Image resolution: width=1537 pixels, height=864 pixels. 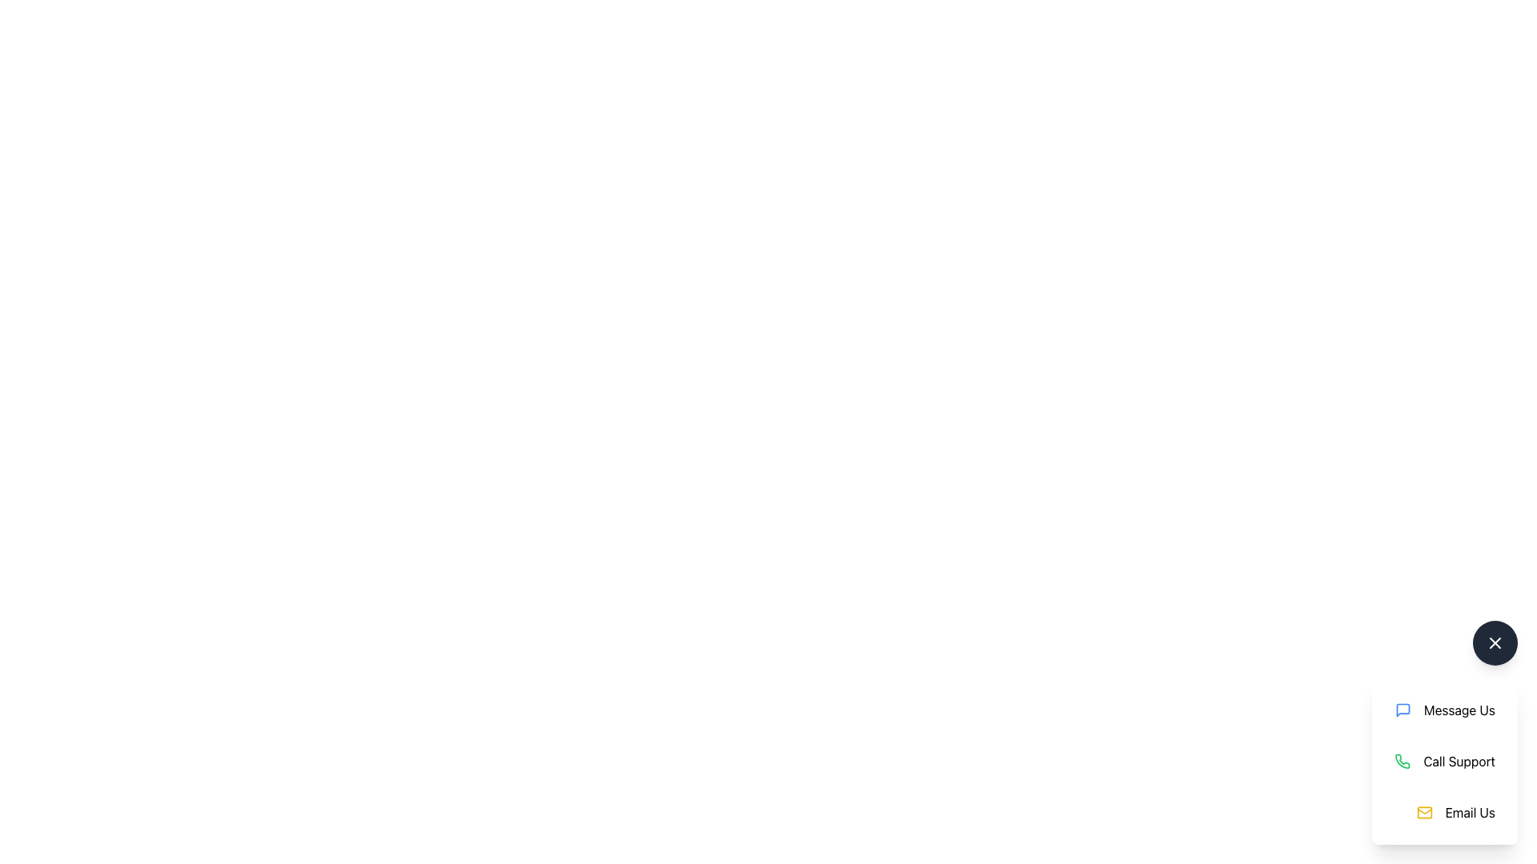 What do you see at coordinates (1470, 812) in the screenshot?
I see `the 'Email Us' text label, which is the third item in a vertical list of options and is positioned to the right of a yellow envelope icon` at bounding box center [1470, 812].